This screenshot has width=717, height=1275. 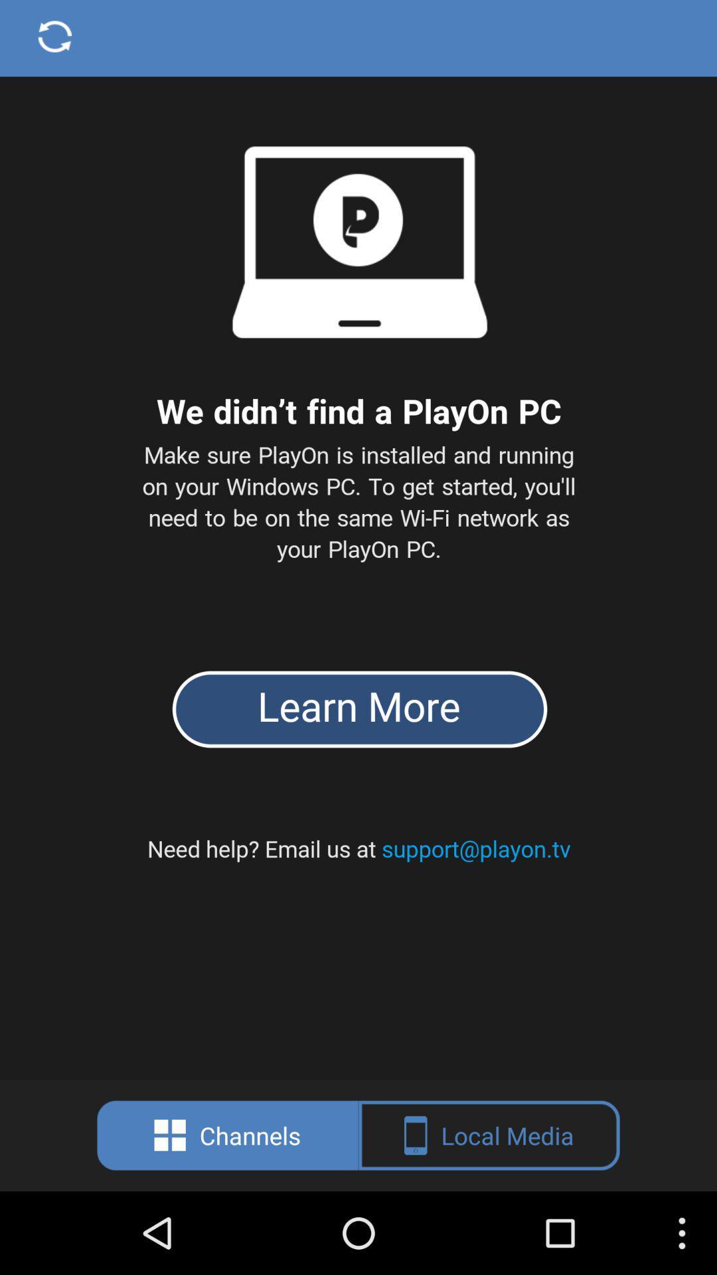 I want to click on copy text, so click(x=358, y=539).